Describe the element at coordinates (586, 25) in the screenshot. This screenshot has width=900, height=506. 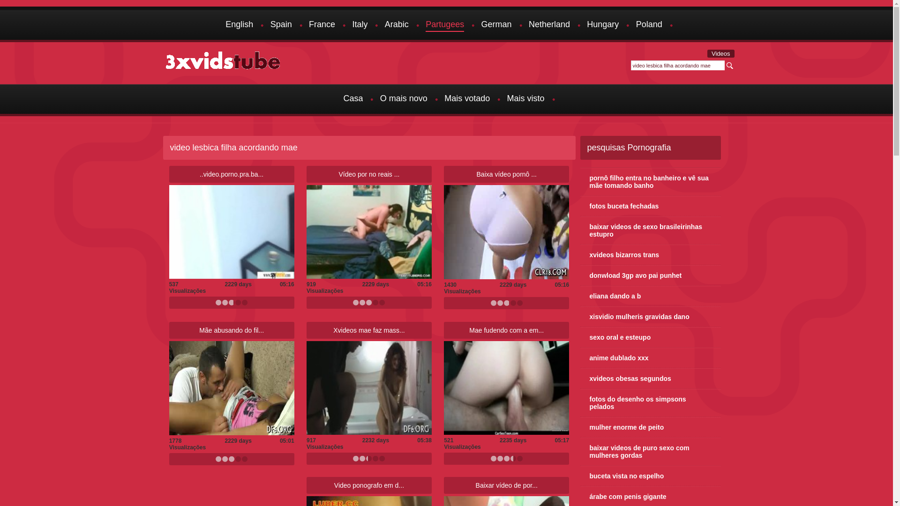
I see `'Hungary'` at that location.